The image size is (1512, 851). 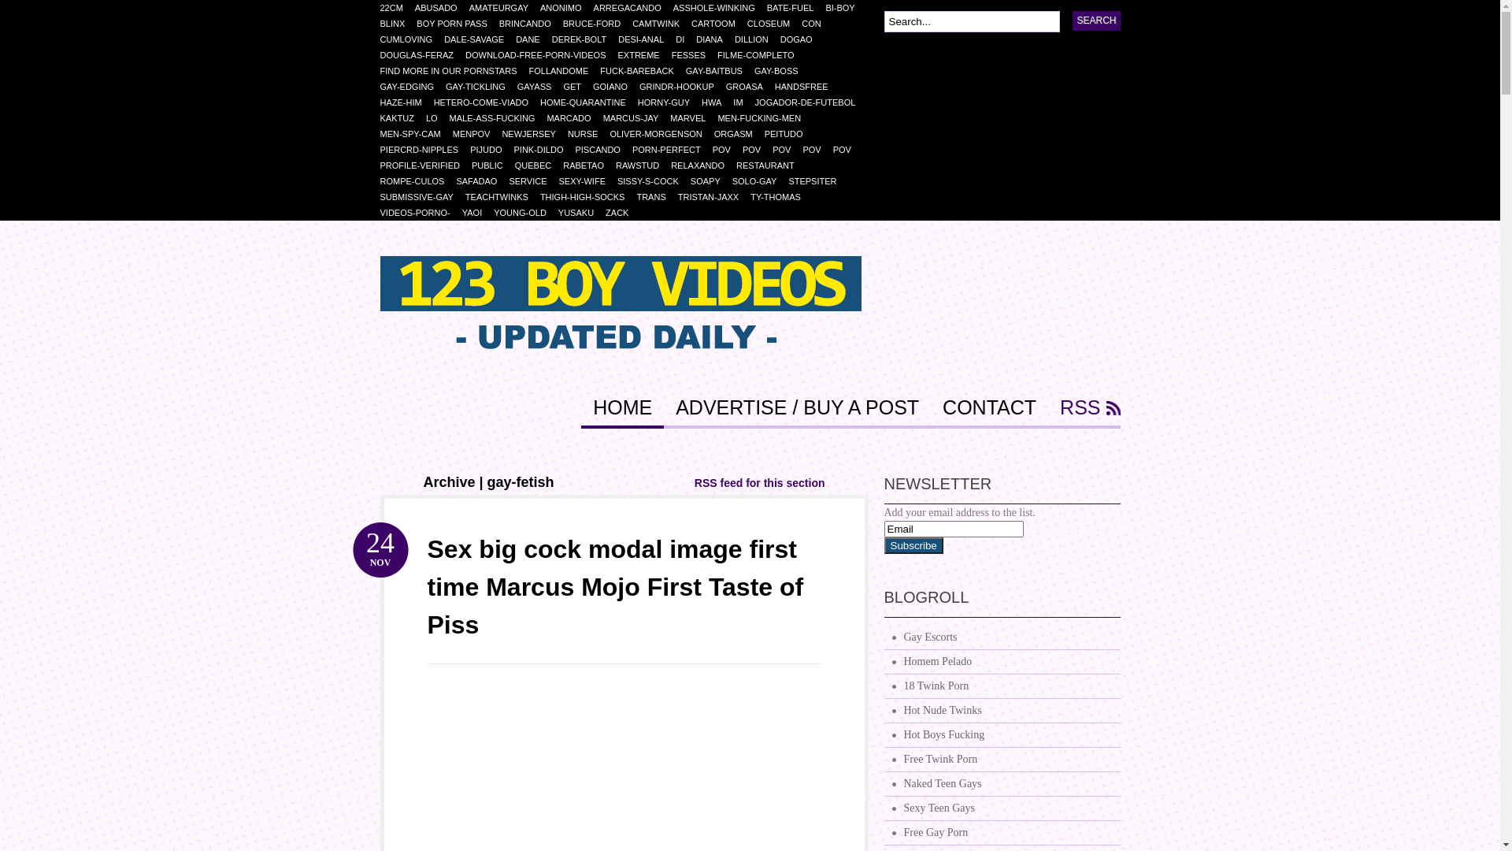 I want to click on 'DOWNLOAD-FREE-PORN-VIDEOS', so click(x=541, y=54).